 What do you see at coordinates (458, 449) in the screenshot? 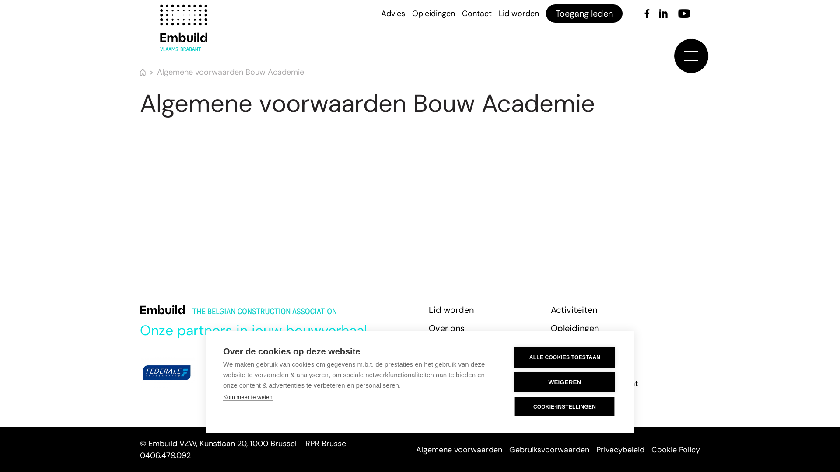
I see `'Algemene voorwaarden'` at bounding box center [458, 449].